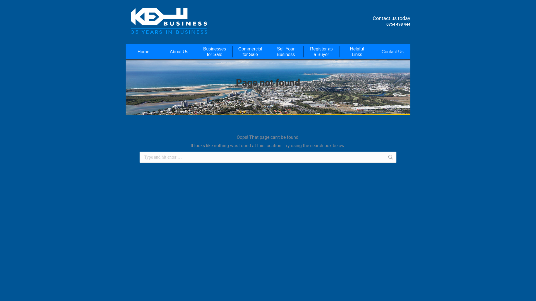 The width and height of the screenshot is (536, 301). I want to click on 'Sell Your Business', so click(286, 52).